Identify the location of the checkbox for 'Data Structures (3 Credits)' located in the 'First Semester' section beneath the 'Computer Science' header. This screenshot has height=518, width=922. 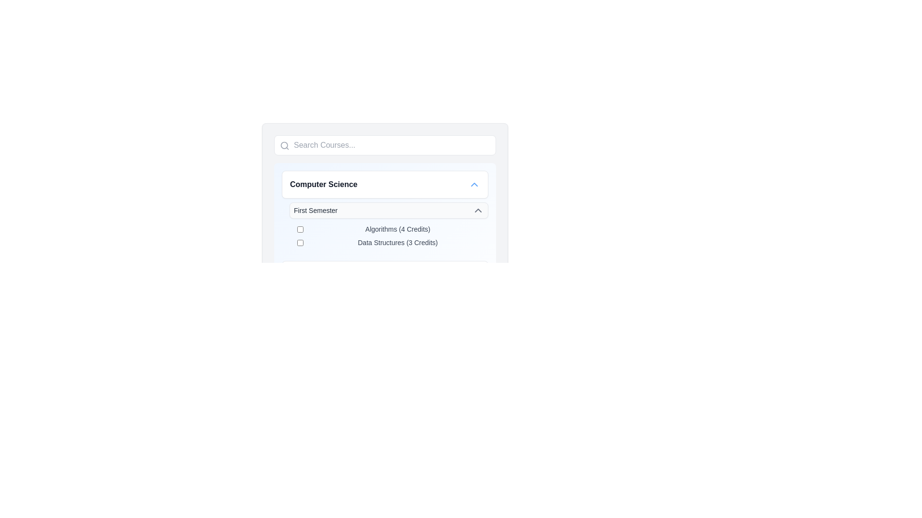
(300, 242).